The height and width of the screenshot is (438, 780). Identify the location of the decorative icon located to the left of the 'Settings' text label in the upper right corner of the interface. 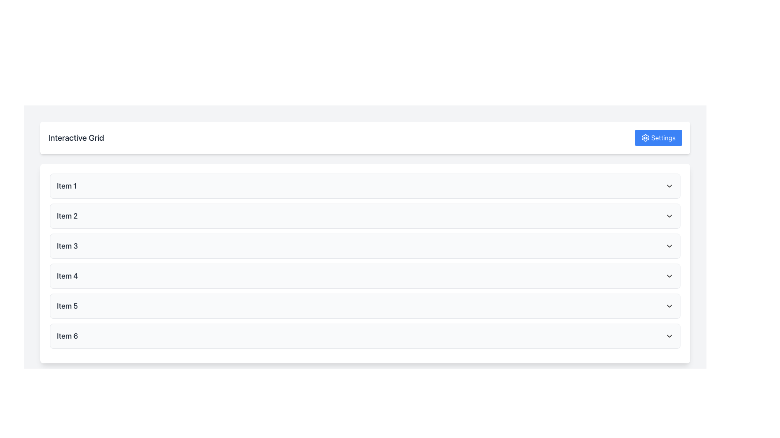
(645, 137).